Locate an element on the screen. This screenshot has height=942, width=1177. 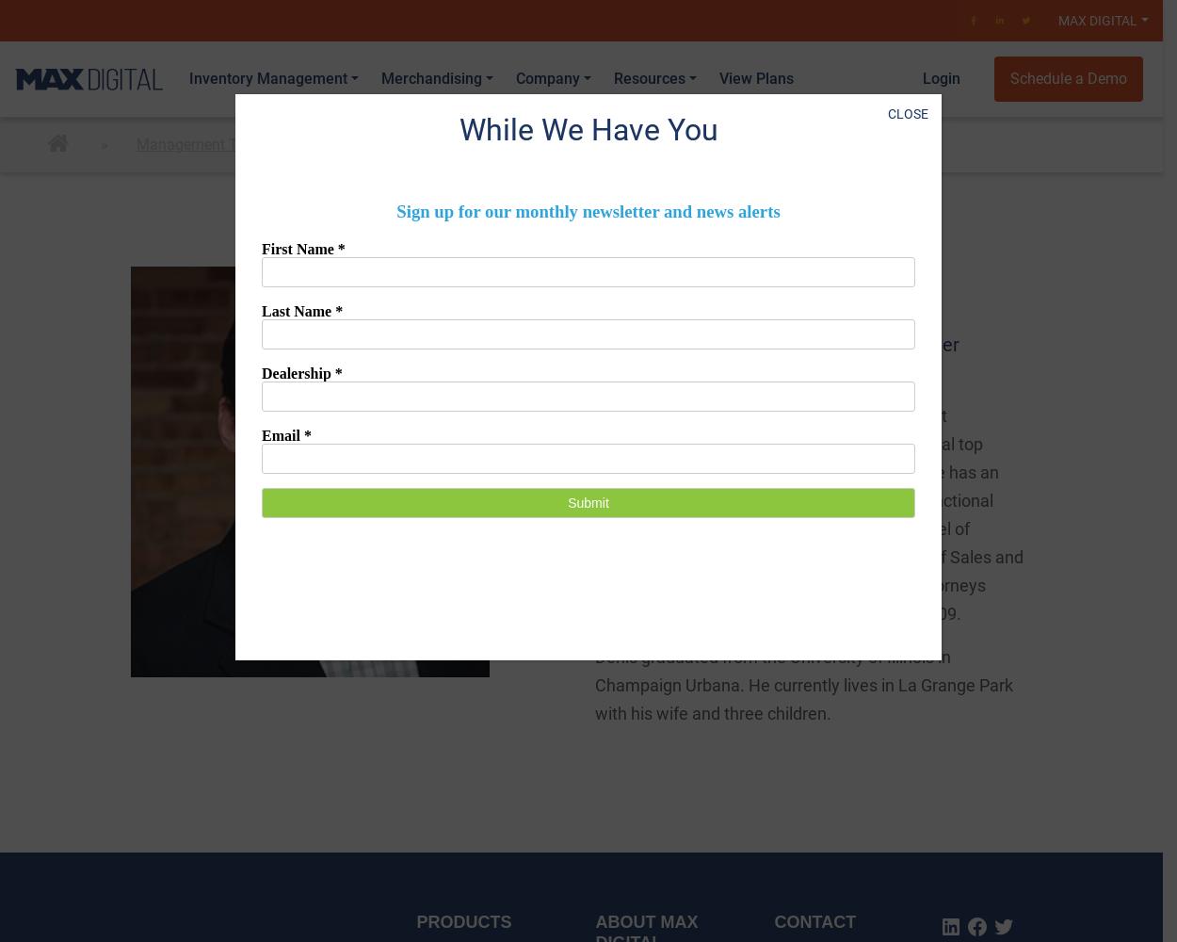
'MAX Digital' is located at coordinates (1057, 21).